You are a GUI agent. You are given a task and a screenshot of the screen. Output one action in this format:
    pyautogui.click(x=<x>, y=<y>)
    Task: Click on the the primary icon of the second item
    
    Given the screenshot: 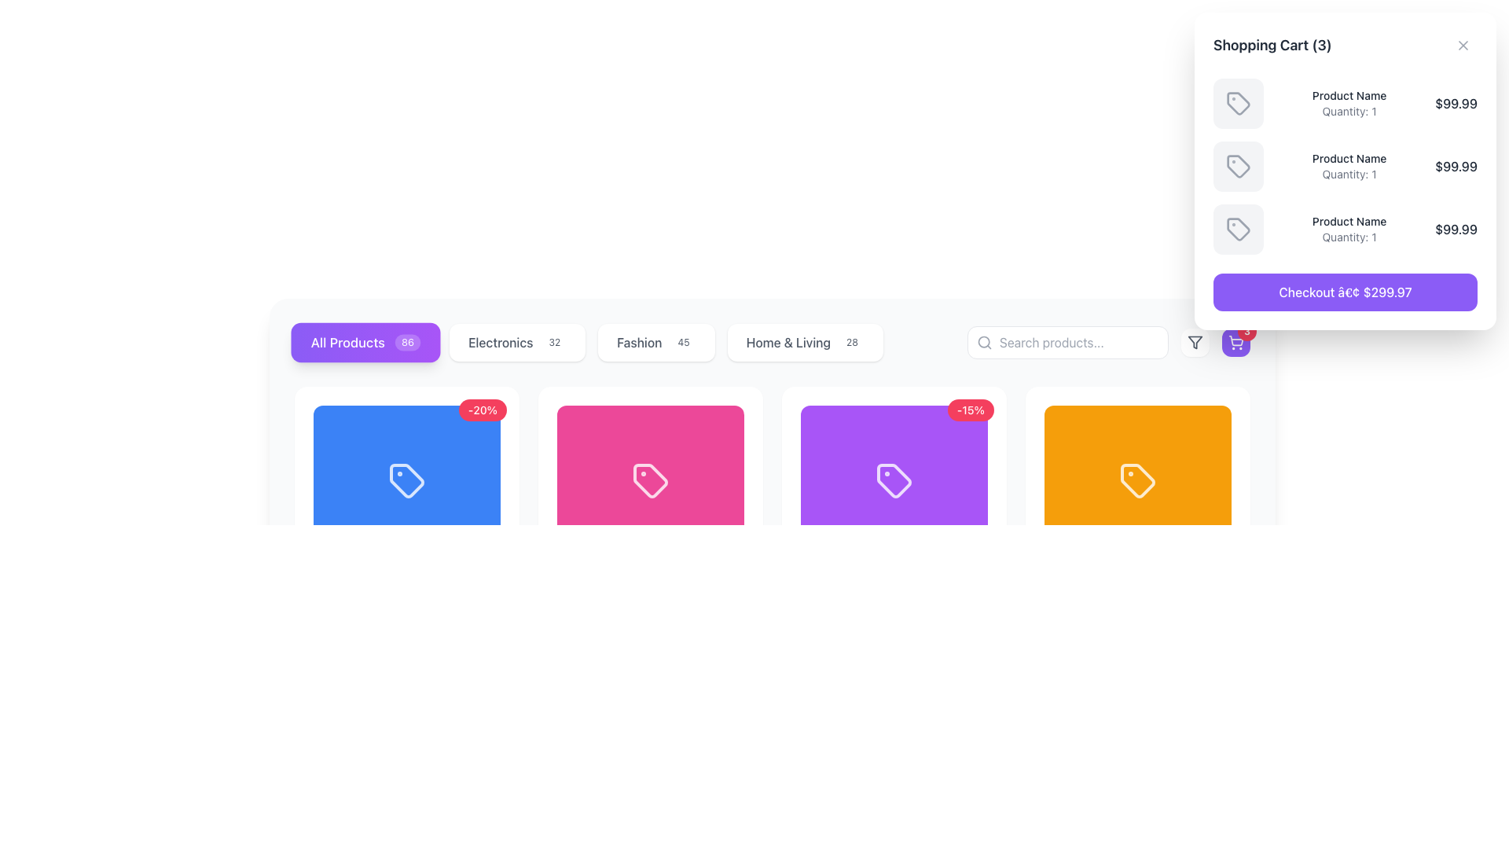 What is the action you would take?
    pyautogui.click(x=1237, y=167)
    